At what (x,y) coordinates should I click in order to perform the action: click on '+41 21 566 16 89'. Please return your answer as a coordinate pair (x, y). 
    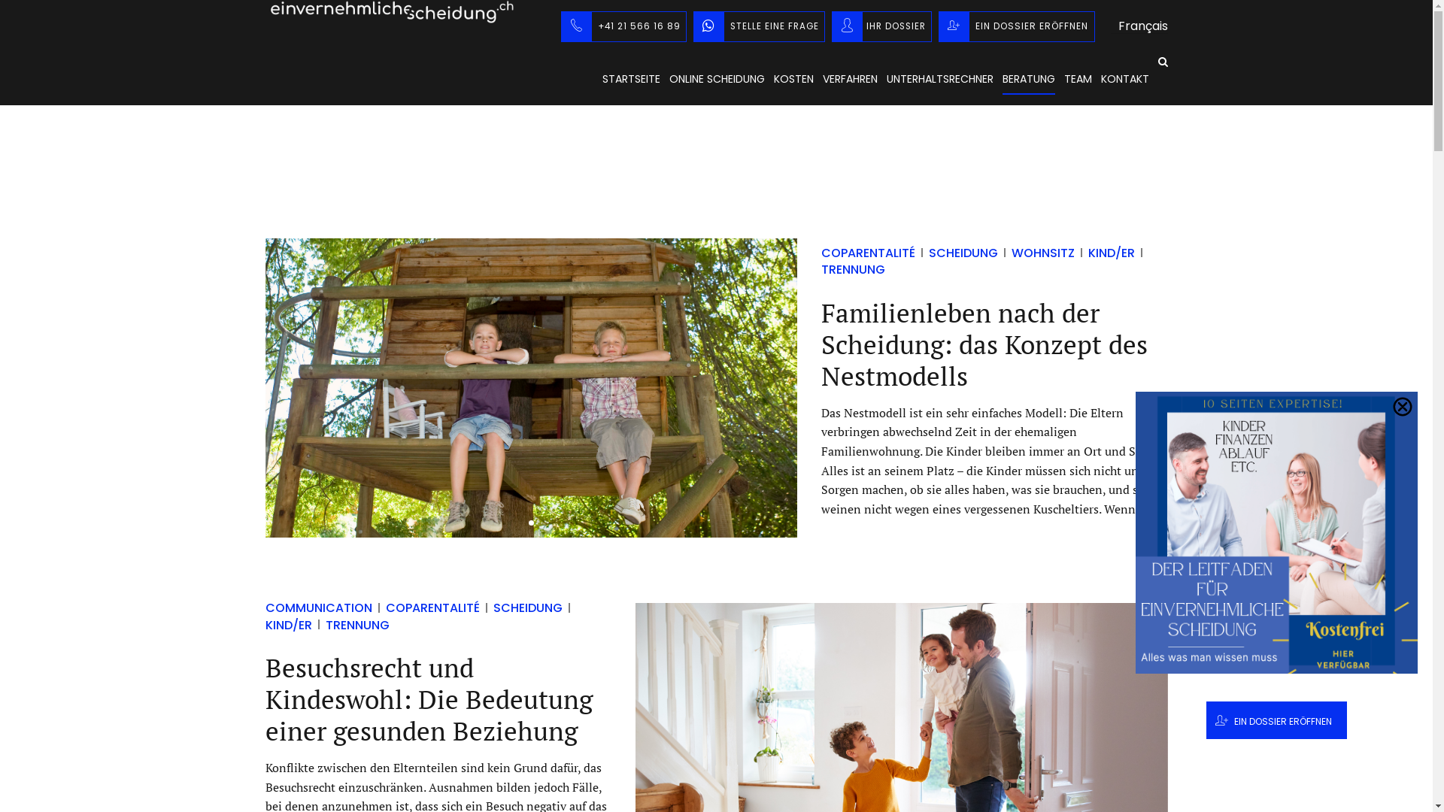
    Looking at the image, I should click on (560, 26).